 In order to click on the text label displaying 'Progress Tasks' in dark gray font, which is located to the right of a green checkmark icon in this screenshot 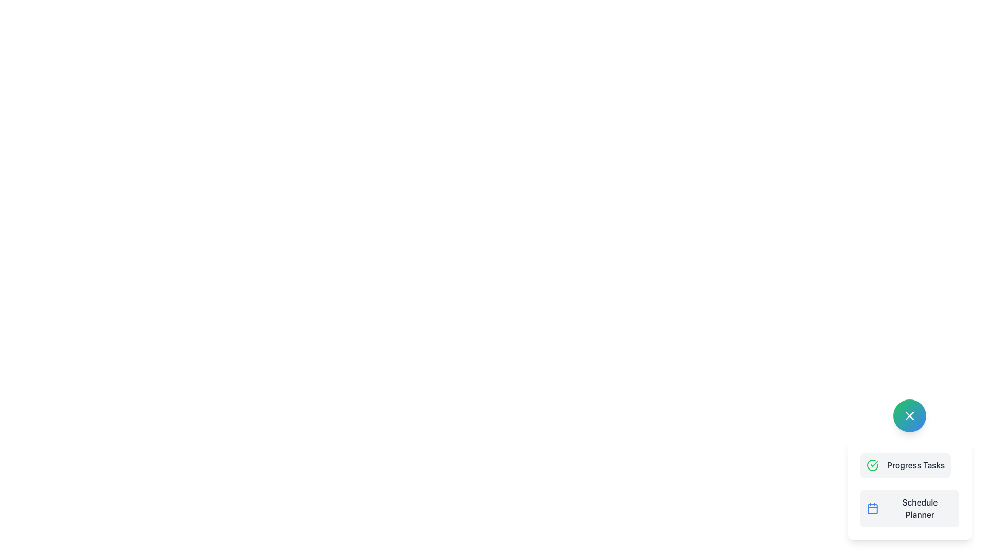, I will do `click(916, 465)`.